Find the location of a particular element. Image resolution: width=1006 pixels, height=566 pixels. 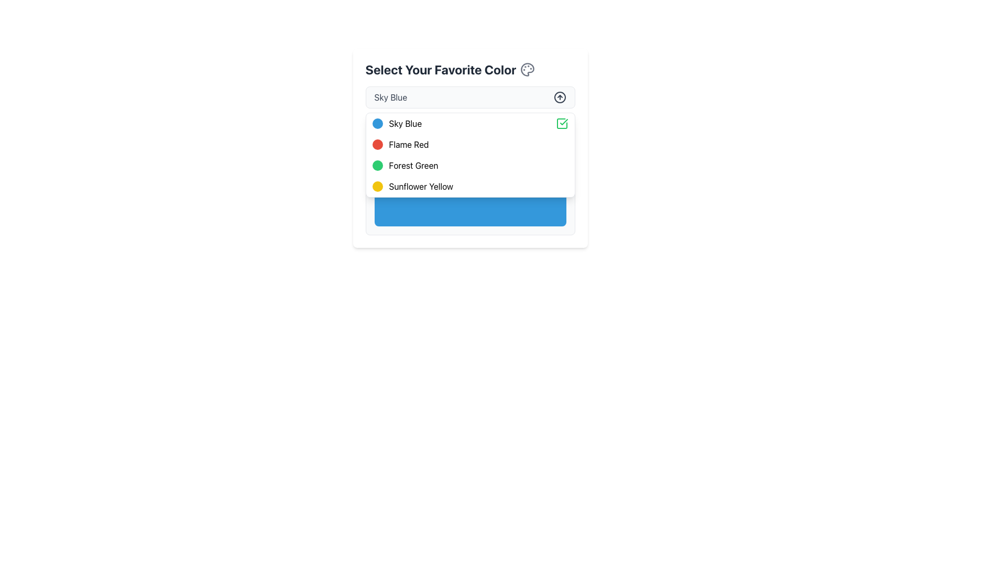

the text label displaying 'Sky Blue' which is part of the dropdown menu titled 'Select Your Favorite Color' is located at coordinates (404, 123).